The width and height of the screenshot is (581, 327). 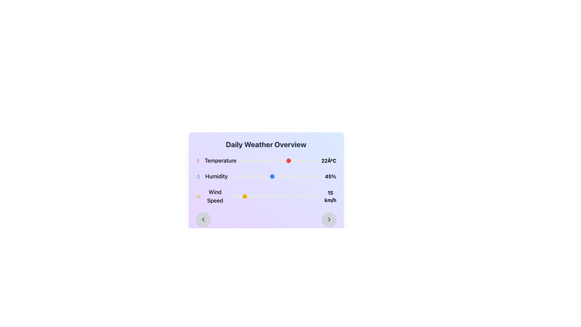 What do you see at coordinates (294, 176) in the screenshot?
I see `humidity` at bounding box center [294, 176].